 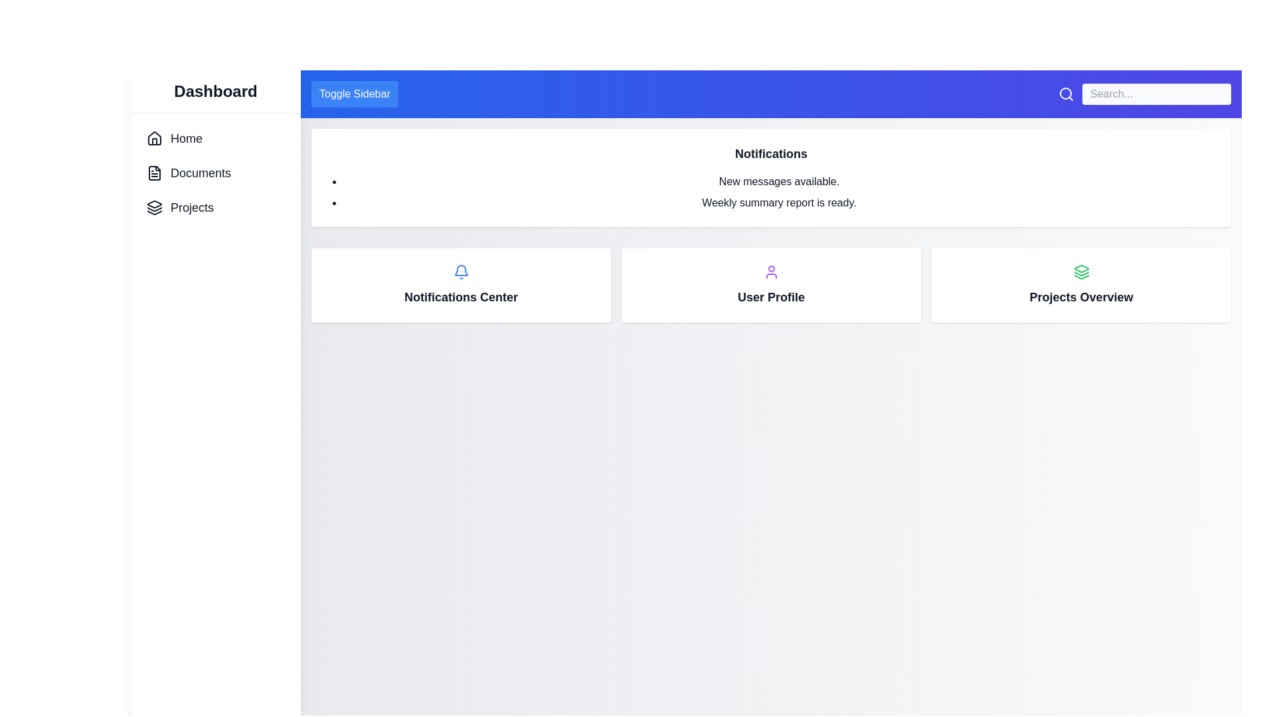 What do you see at coordinates (1081, 296) in the screenshot?
I see `the static text label 'Projects Overview', which is styled with bold font and larger text size, located at the bottom center of the 'Projects Overview' card in the dashboard's main grid` at bounding box center [1081, 296].